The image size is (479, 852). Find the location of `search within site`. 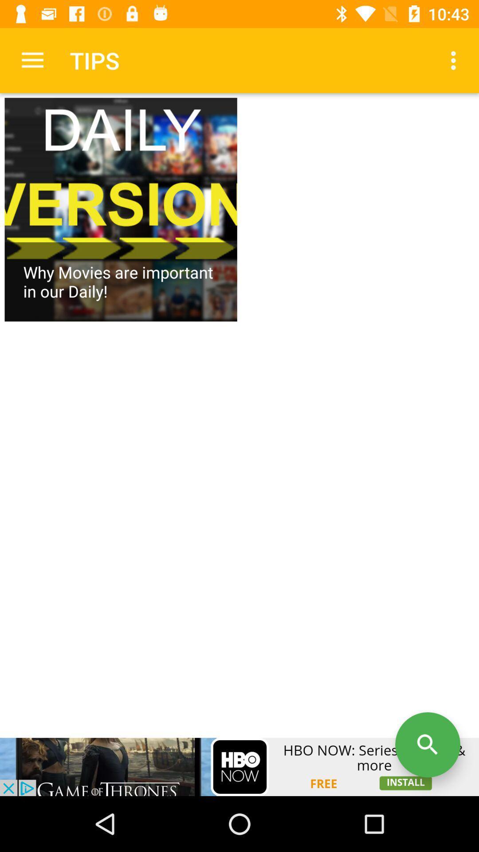

search within site is located at coordinates (427, 745).